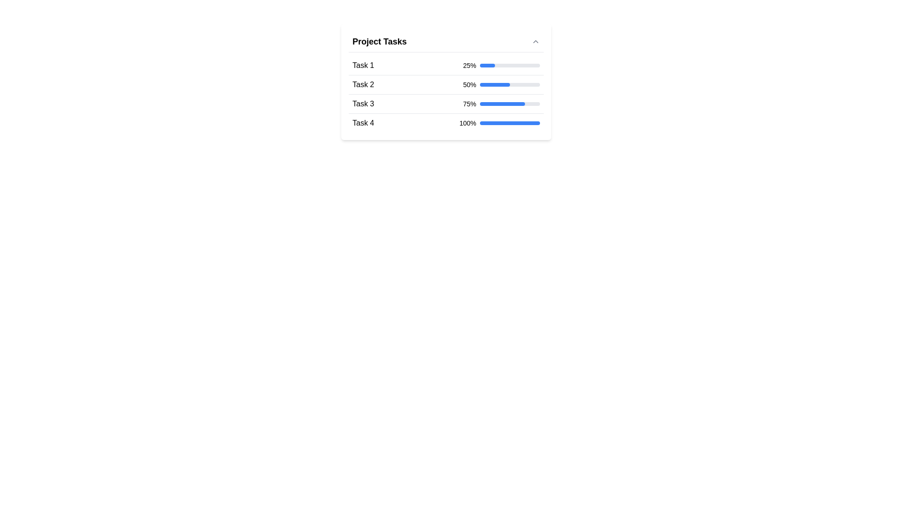  What do you see at coordinates (535, 41) in the screenshot?
I see `the upward-pointing chevron icon button located at the top-right corner of the 'Project Tasks' section` at bounding box center [535, 41].